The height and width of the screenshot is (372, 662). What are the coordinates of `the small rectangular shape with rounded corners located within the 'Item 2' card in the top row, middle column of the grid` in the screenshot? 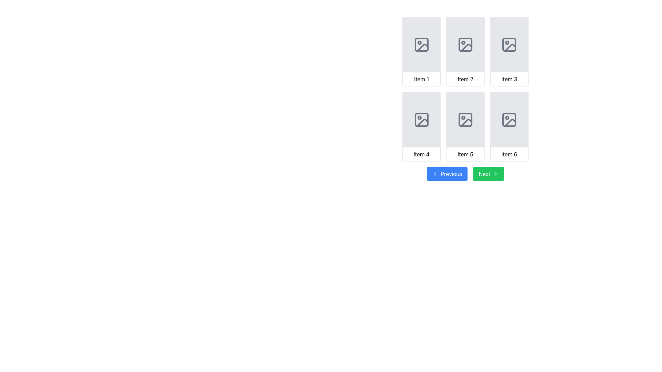 It's located at (465, 45).